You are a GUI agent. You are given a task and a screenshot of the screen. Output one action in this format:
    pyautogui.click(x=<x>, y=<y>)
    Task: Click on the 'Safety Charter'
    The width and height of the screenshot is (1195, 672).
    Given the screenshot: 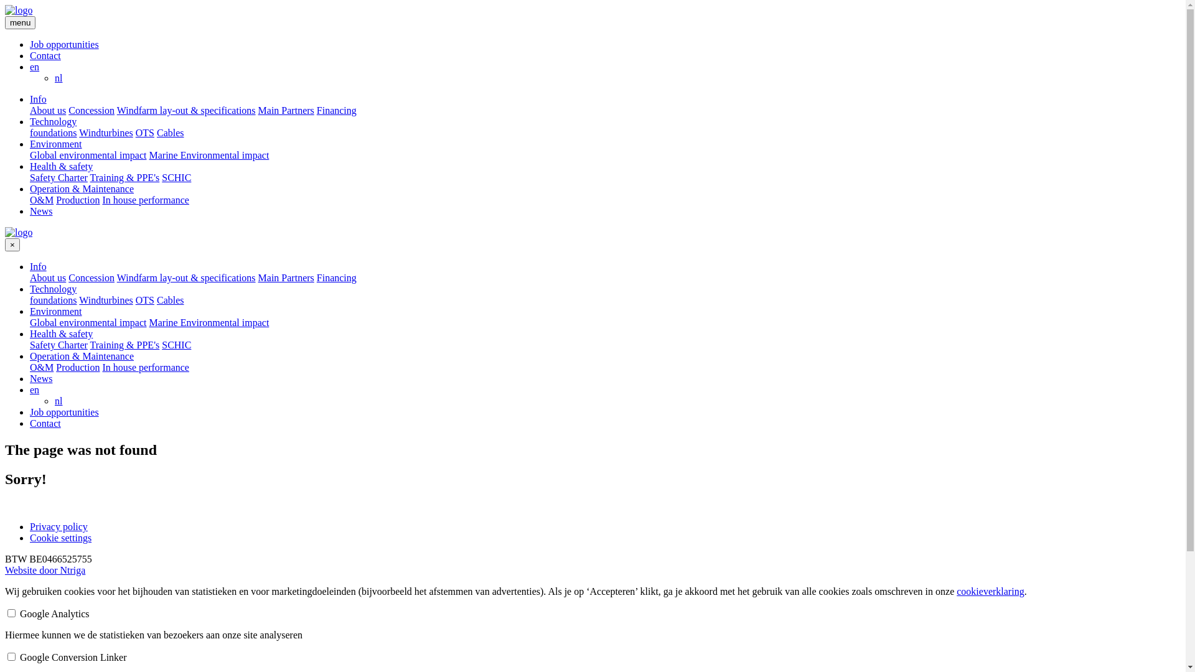 What is the action you would take?
    pyautogui.click(x=58, y=345)
    